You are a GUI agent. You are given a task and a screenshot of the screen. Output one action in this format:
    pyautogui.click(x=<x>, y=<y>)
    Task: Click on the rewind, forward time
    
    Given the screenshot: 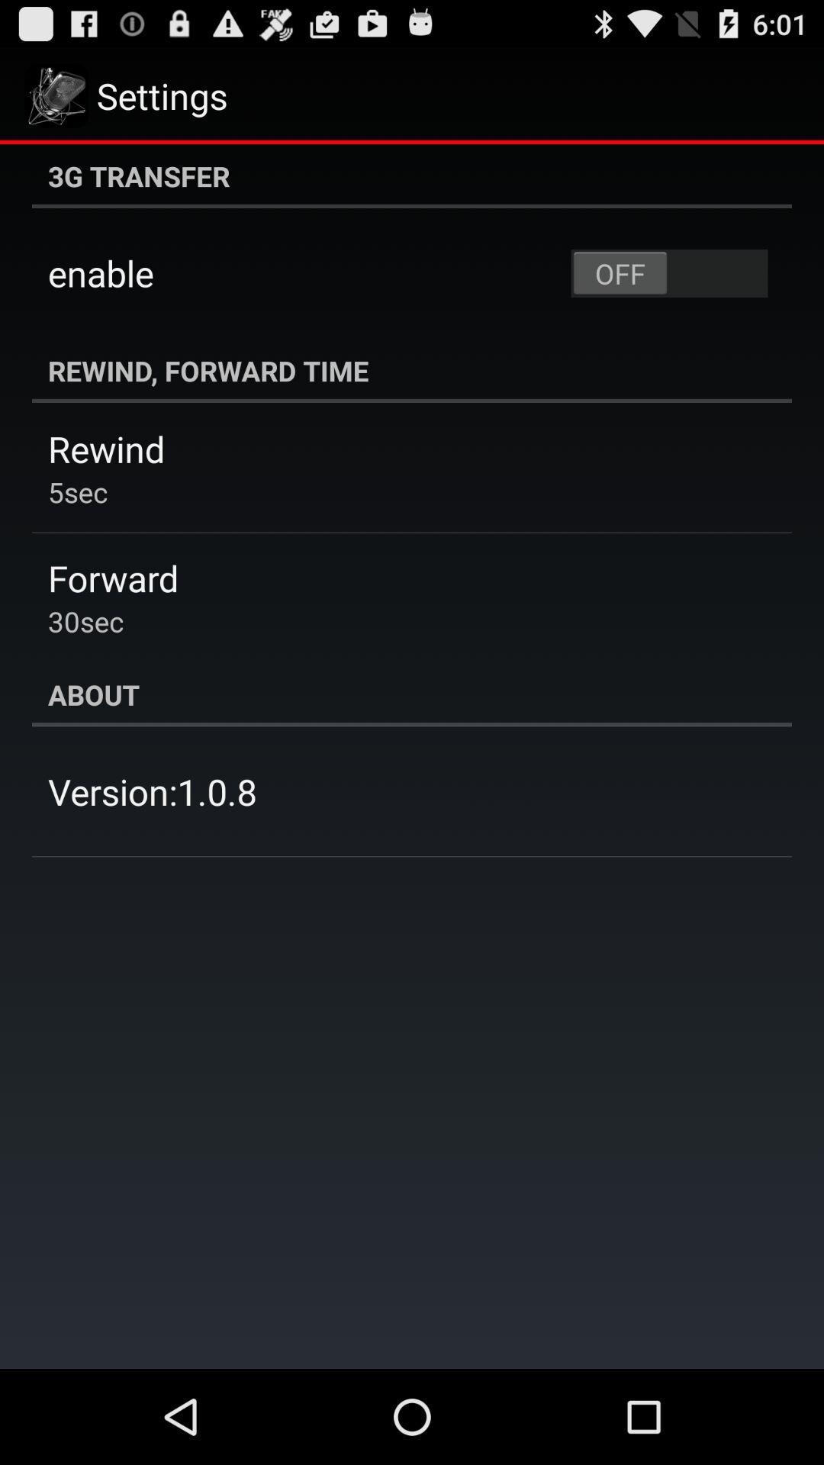 What is the action you would take?
    pyautogui.click(x=412, y=370)
    